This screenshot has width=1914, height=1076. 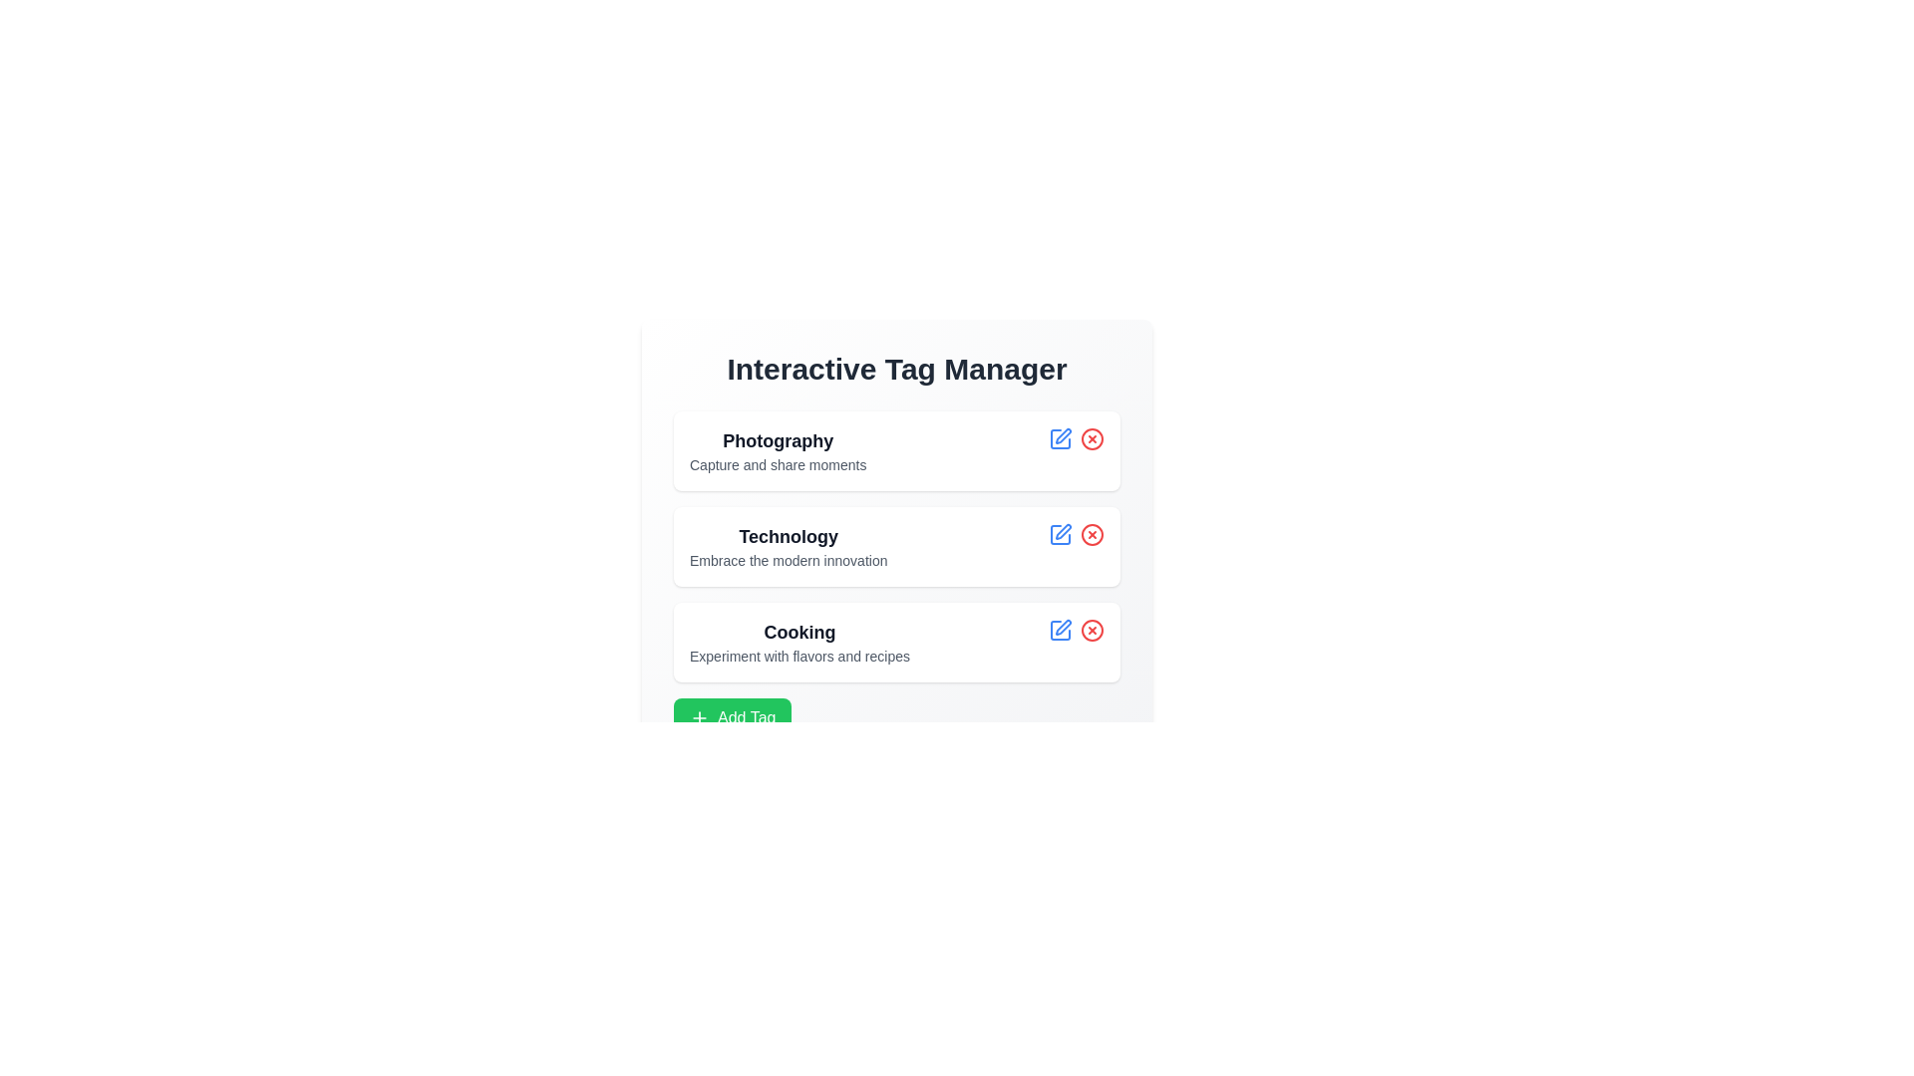 I want to click on title label for the 'Cooking' tag, which is positioned above the sibling text 'Experiment with flavors and recipes' in the 'Interactive Tag Manager' section, so click(x=799, y=633).